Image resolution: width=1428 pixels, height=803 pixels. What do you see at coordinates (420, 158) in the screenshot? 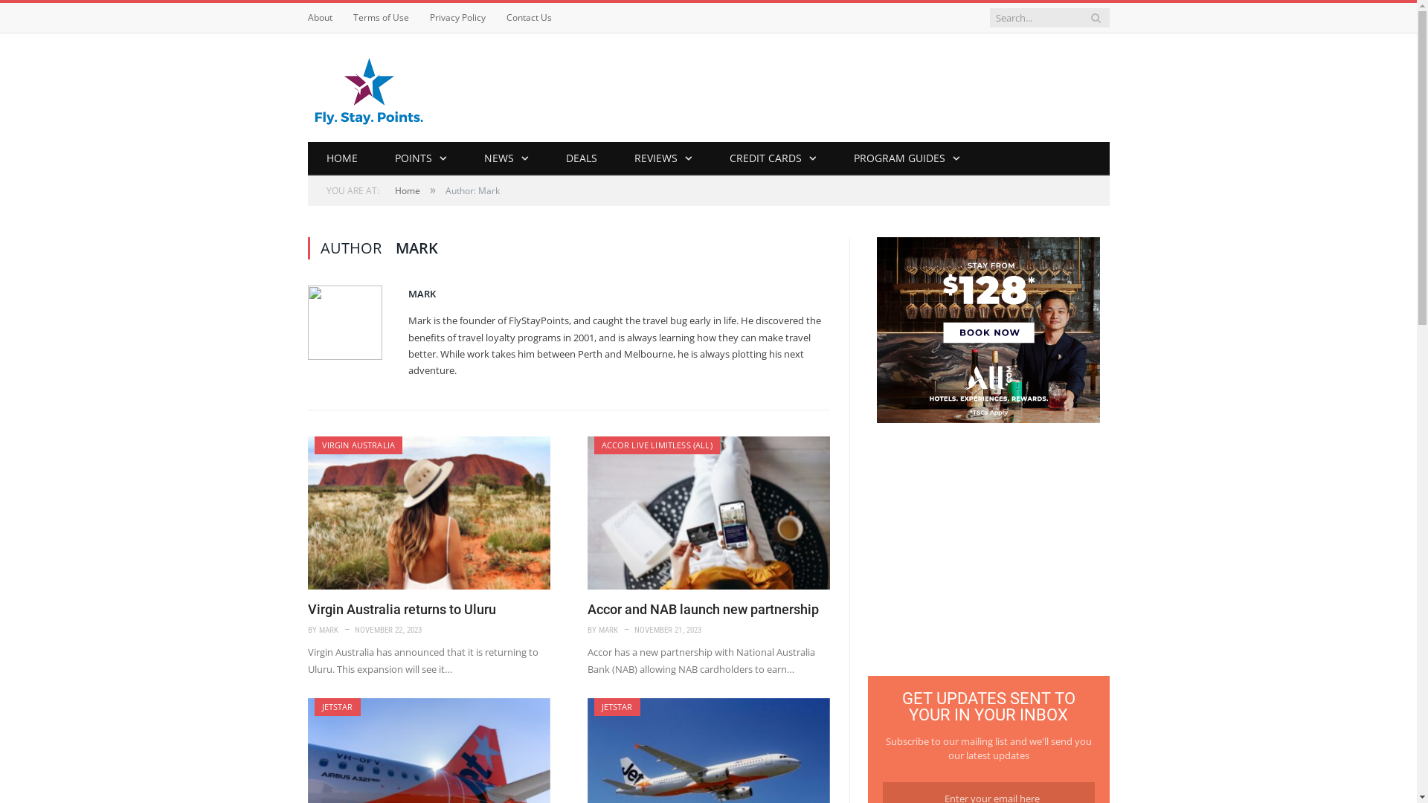
I see `'POINTS'` at bounding box center [420, 158].